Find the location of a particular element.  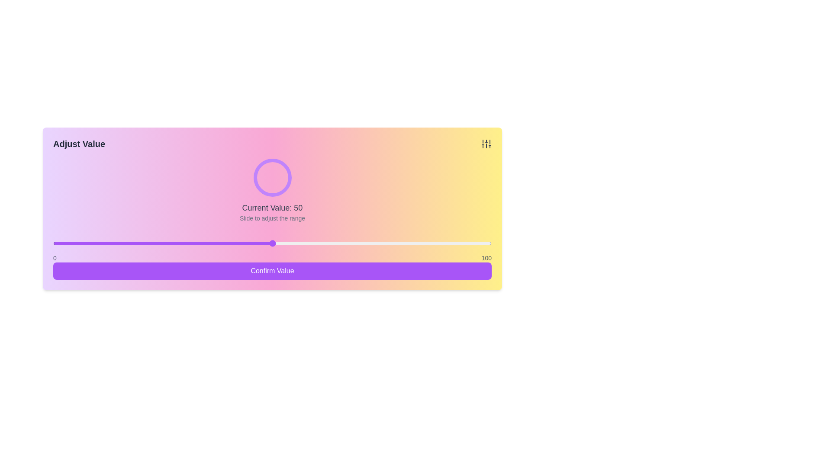

the 'Confirm Value' button to confirm the selected range value is located at coordinates (272, 271).